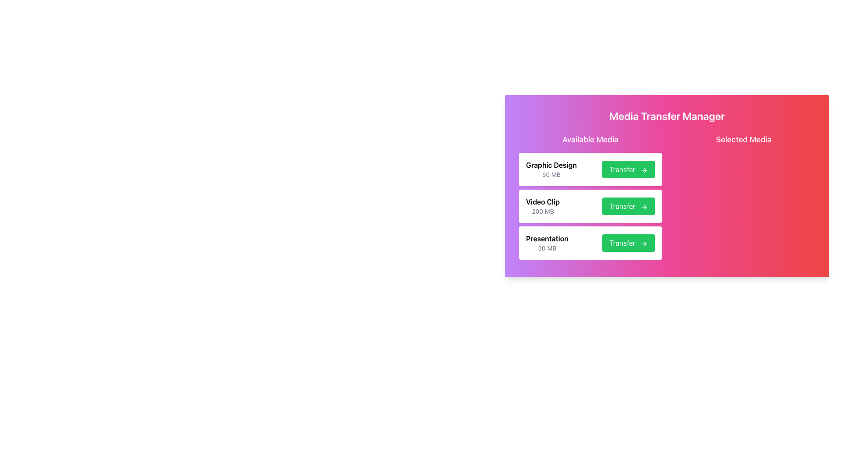 This screenshot has height=473, width=841. I want to click on the static text label 'Presentation' which is bold and acts as a header within the 'Available Media' section, located above '30 MB' and to the left of the 'Transfer' button, so click(547, 238).